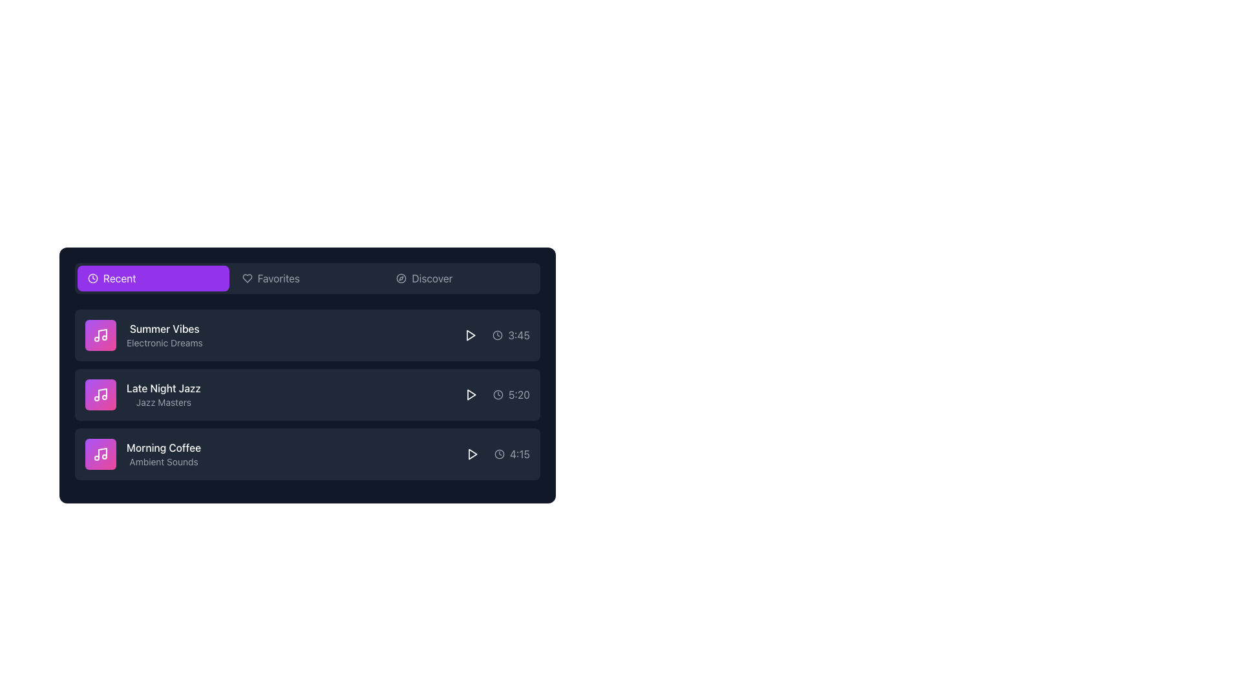 This screenshot has height=698, width=1241. What do you see at coordinates (511, 335) in the screenshot?
I see `the timestamp text '3:45' with the accompanying clock icon located in the third row of the 'Summer Vibes' item` at bounding box center [511, 335].